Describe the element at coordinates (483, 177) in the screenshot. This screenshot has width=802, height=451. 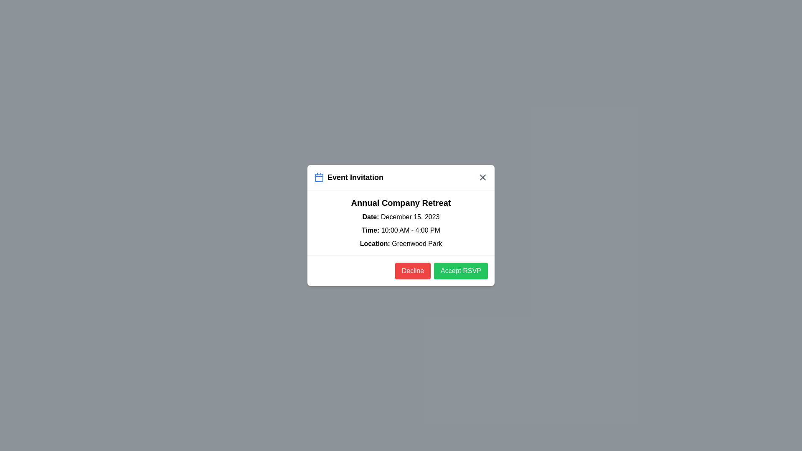
I see `the diagonal line icon segment that is part of the close button located at the top-right corner of the event invitation modal` at that location.